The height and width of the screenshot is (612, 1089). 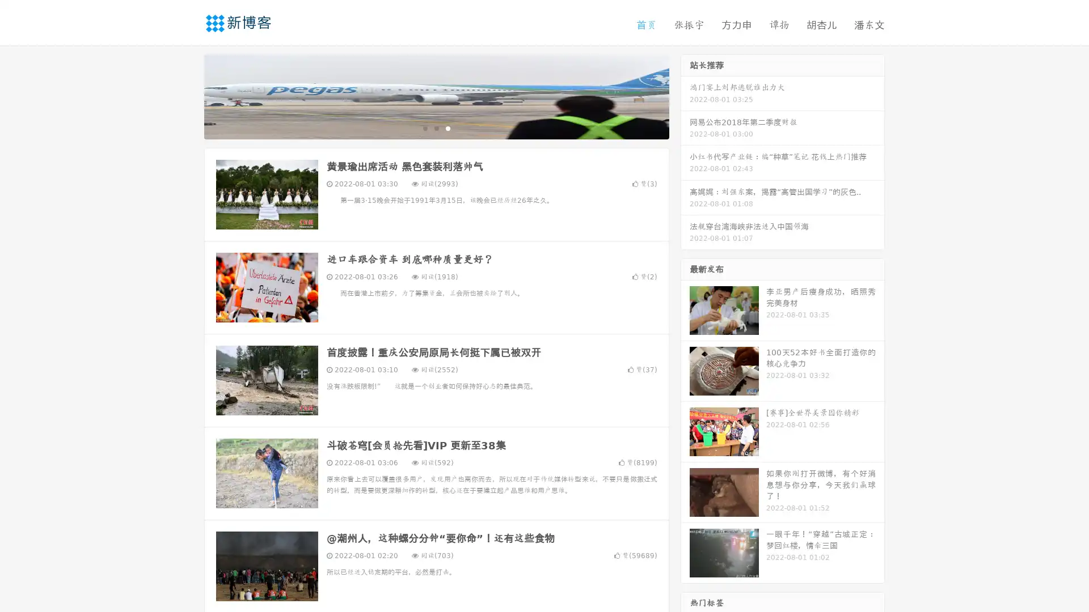 What do you see at coordinates (685, 95) in the screenshot?
I see `Next slide` at bounding box center [685, 95].